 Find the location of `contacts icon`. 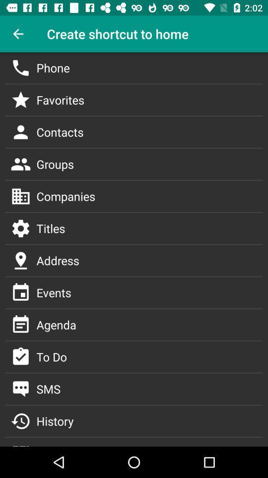

contacts icon is located at coordinates (21, 131).